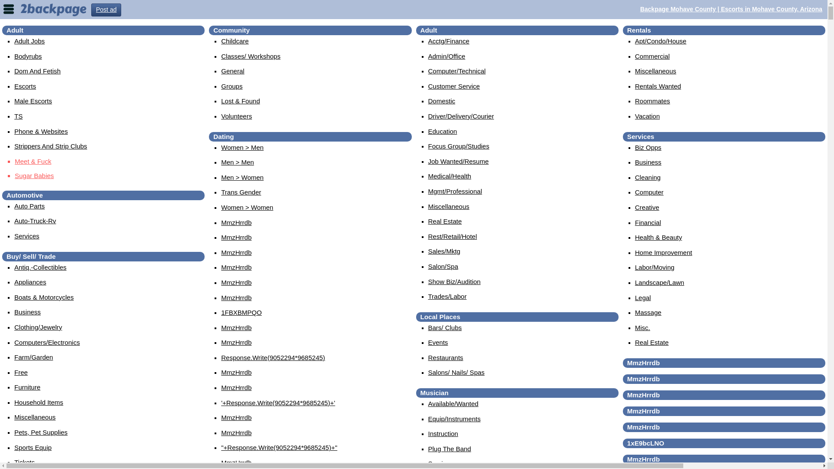 The image size is (834, 469). I want to click on 'Computers/Electronics', so click(46, 342).